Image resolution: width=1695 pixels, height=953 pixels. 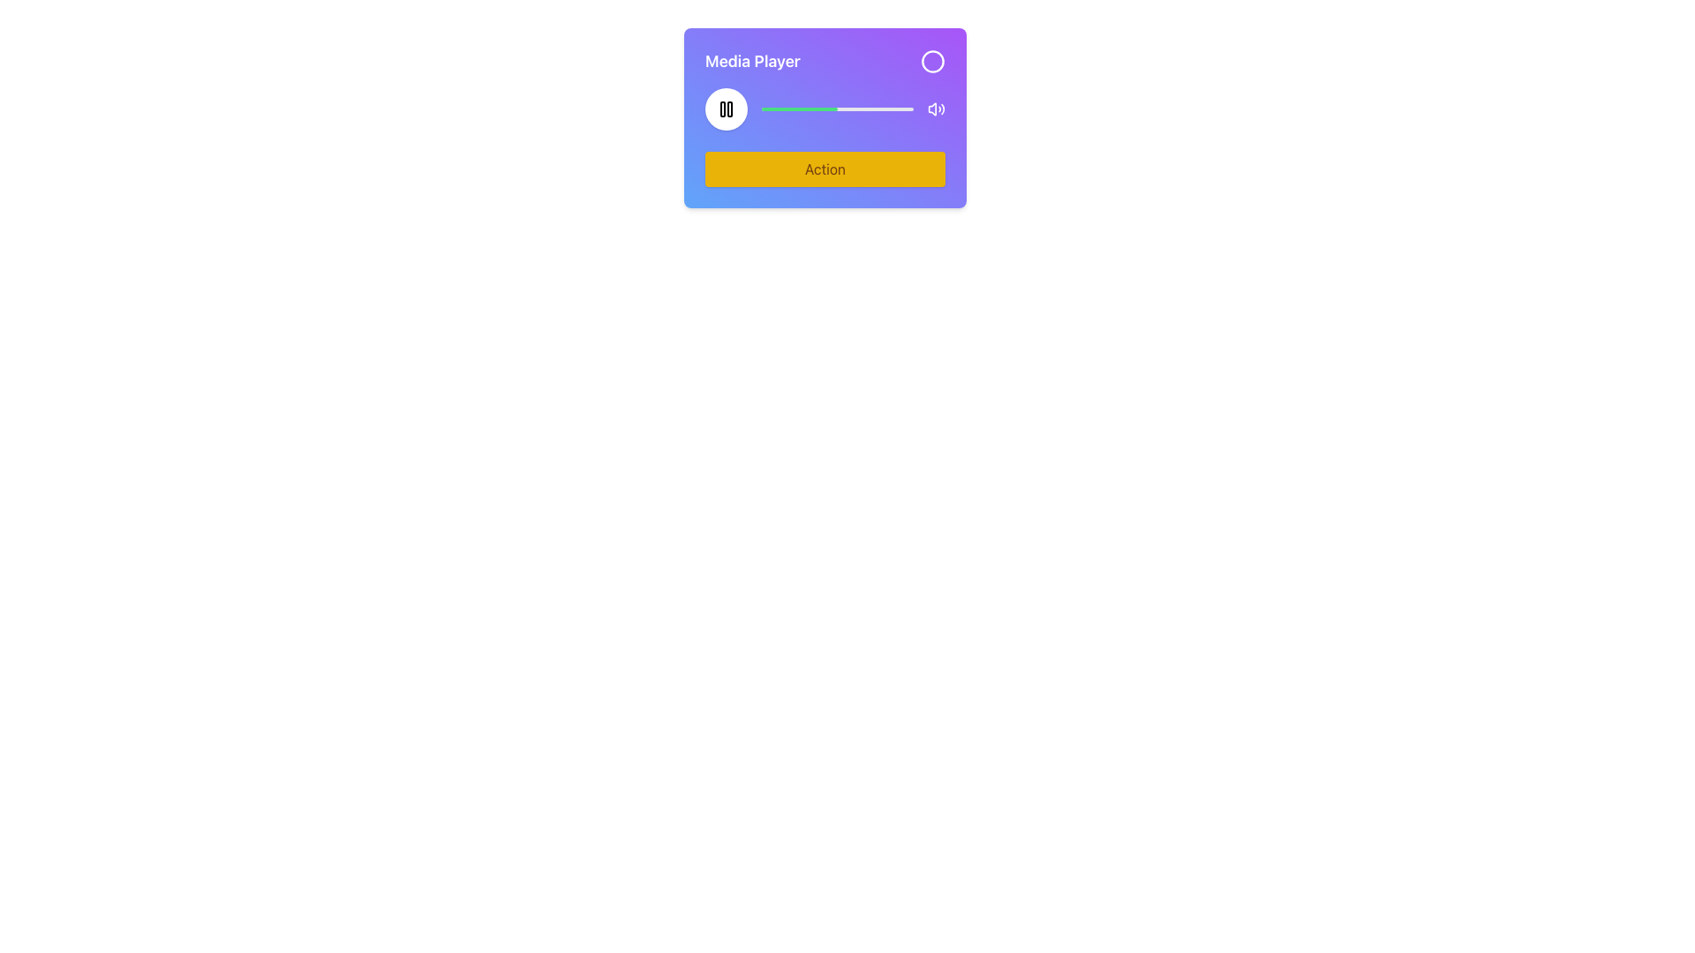 What do you see at coordinates (726, 109) in the screenshot?
I see `the pause button located on the leftmost side of the media player to halt the playback of the media` at bounding box center [726, 109].